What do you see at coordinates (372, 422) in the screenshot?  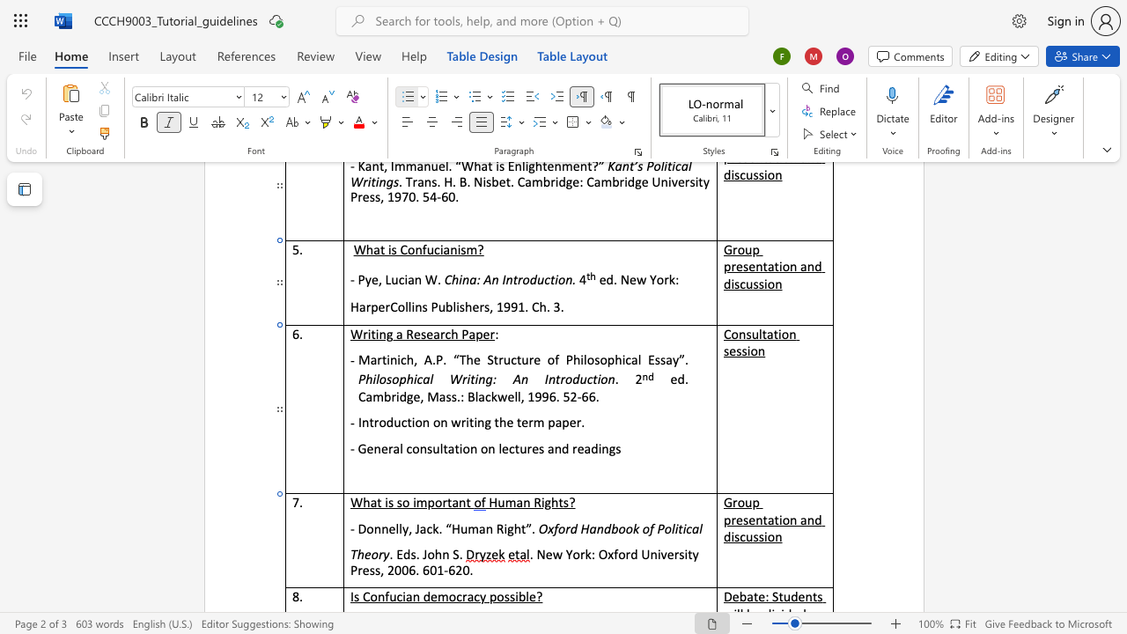 I see `the space between the continuous character "t" and "r" in the text` at bounding box center [372, 422].